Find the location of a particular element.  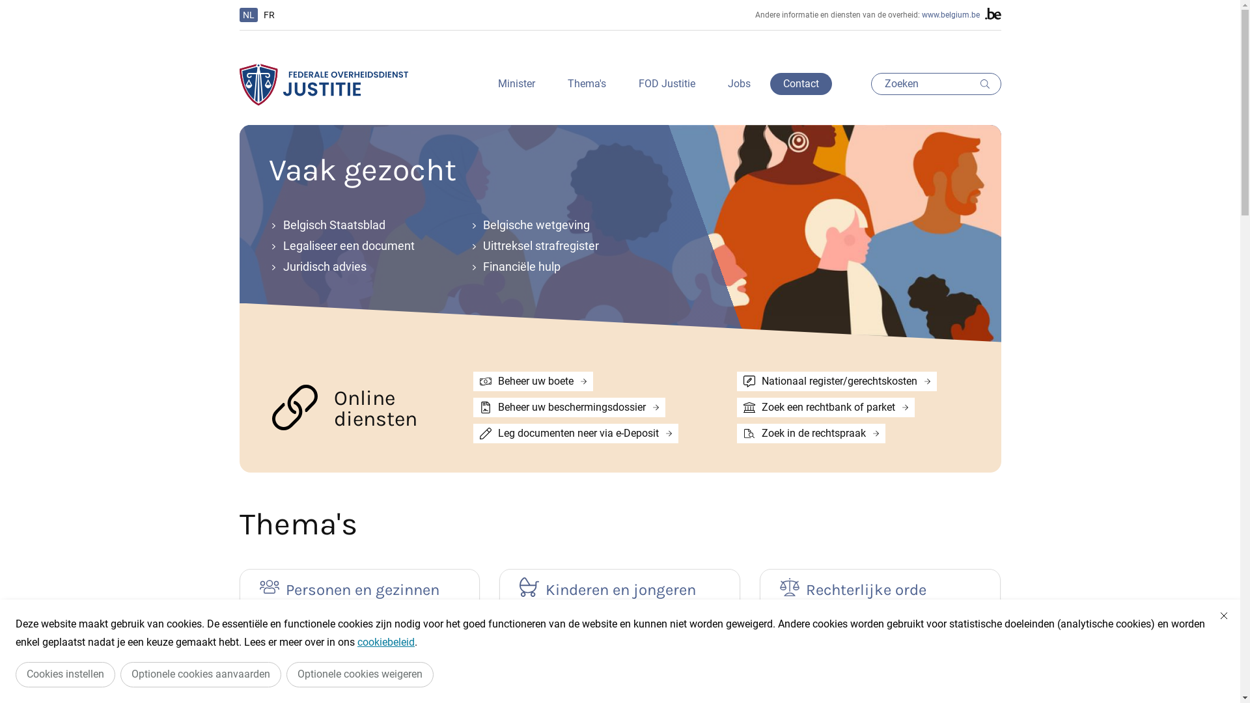

'Optionele cookies aanvaarden' is located at coordinates (200, 674).